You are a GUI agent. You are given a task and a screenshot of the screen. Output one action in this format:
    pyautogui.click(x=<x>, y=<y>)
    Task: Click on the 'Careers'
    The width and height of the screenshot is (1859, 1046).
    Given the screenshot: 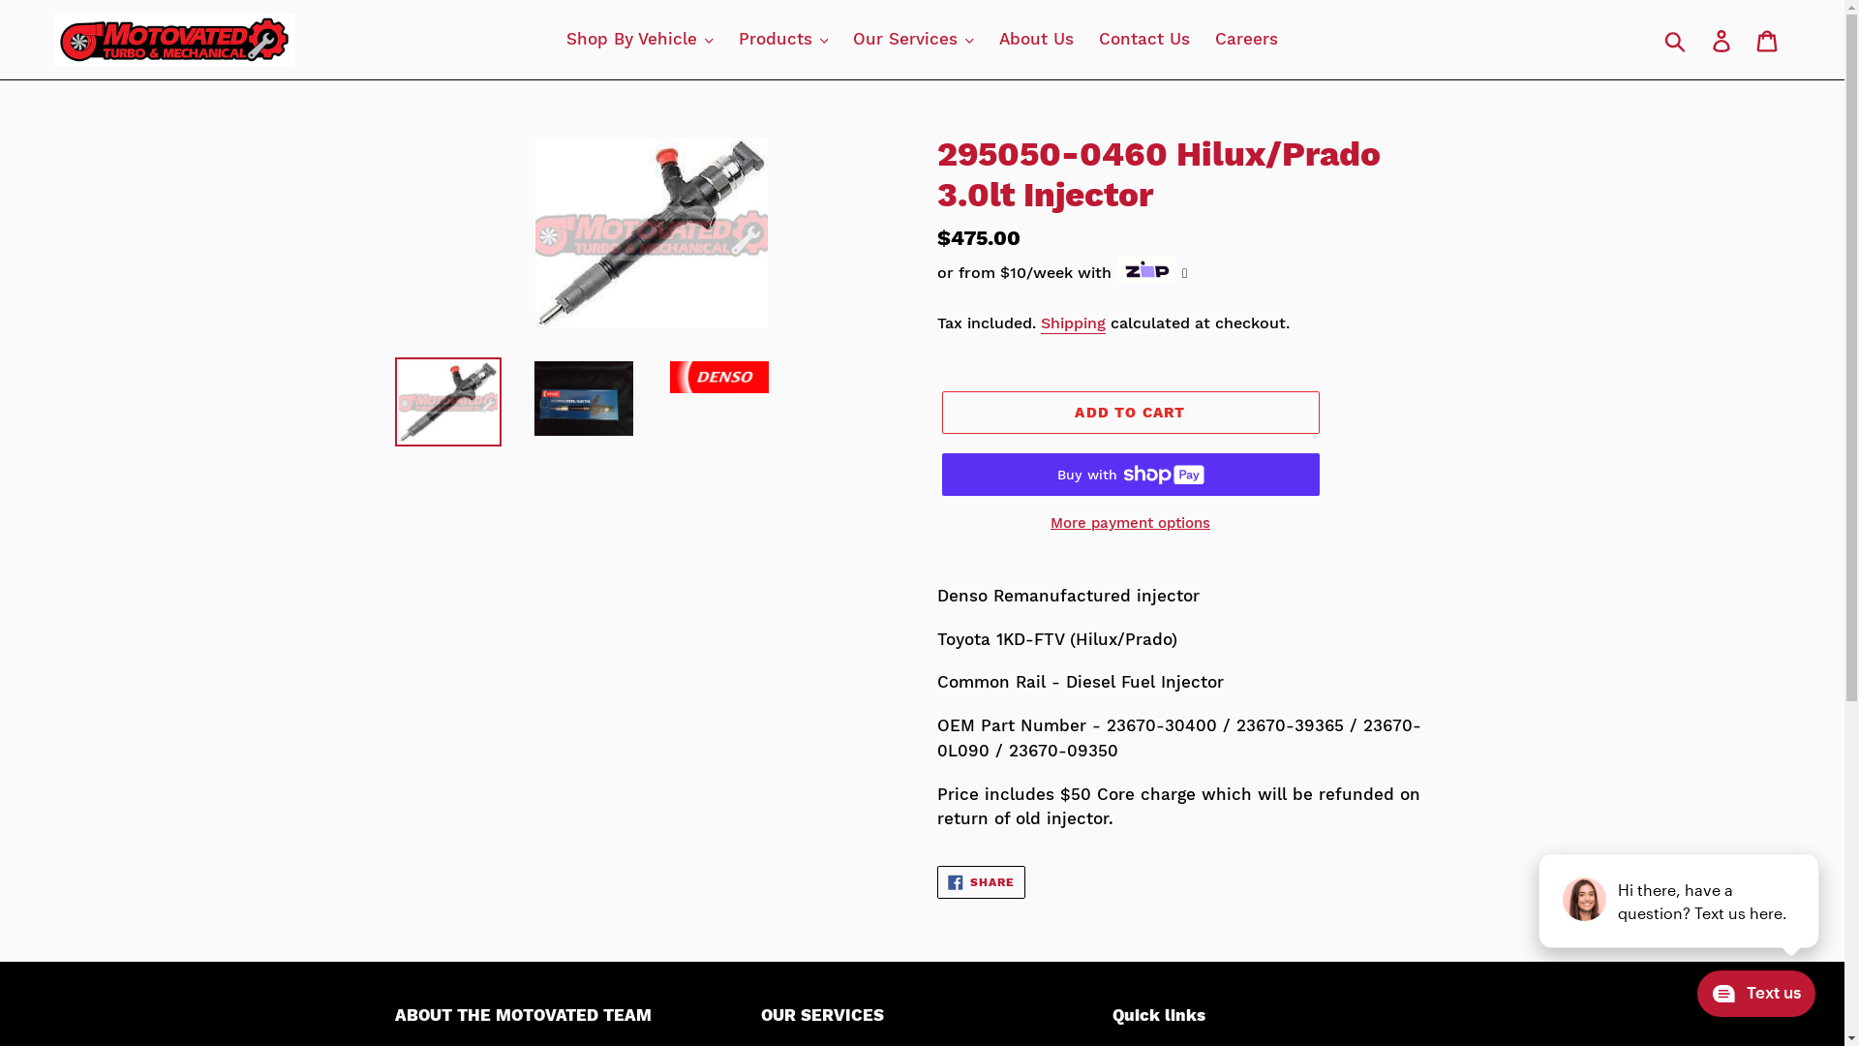 What is the action you would take?
    pyautogui.click(x=1204, y=40)
    